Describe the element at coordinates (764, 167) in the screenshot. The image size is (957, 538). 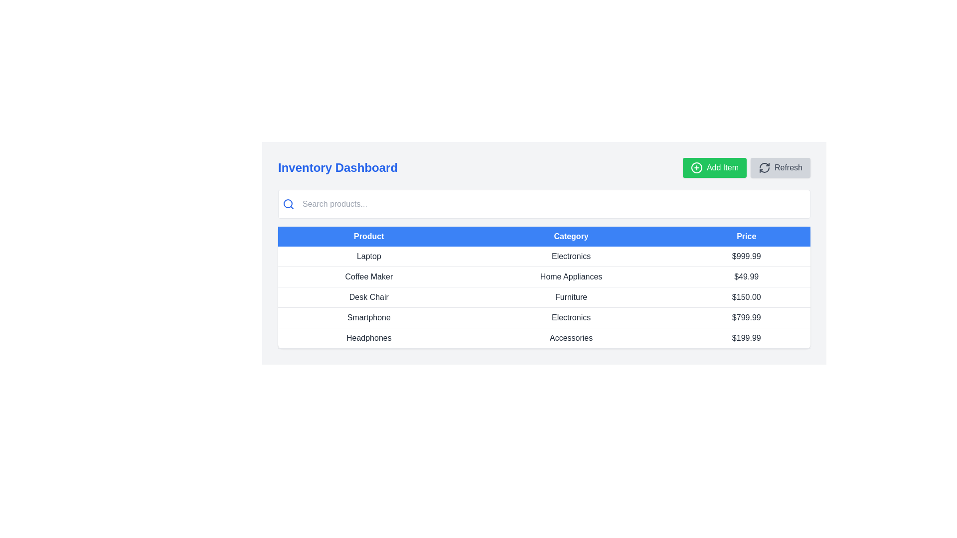
I see `the refresh icon located at the top-right corner of the interface, which is part of the 'Refresh' button and precedes the 'Refresh' text, to refresh the data or interface` at that location.